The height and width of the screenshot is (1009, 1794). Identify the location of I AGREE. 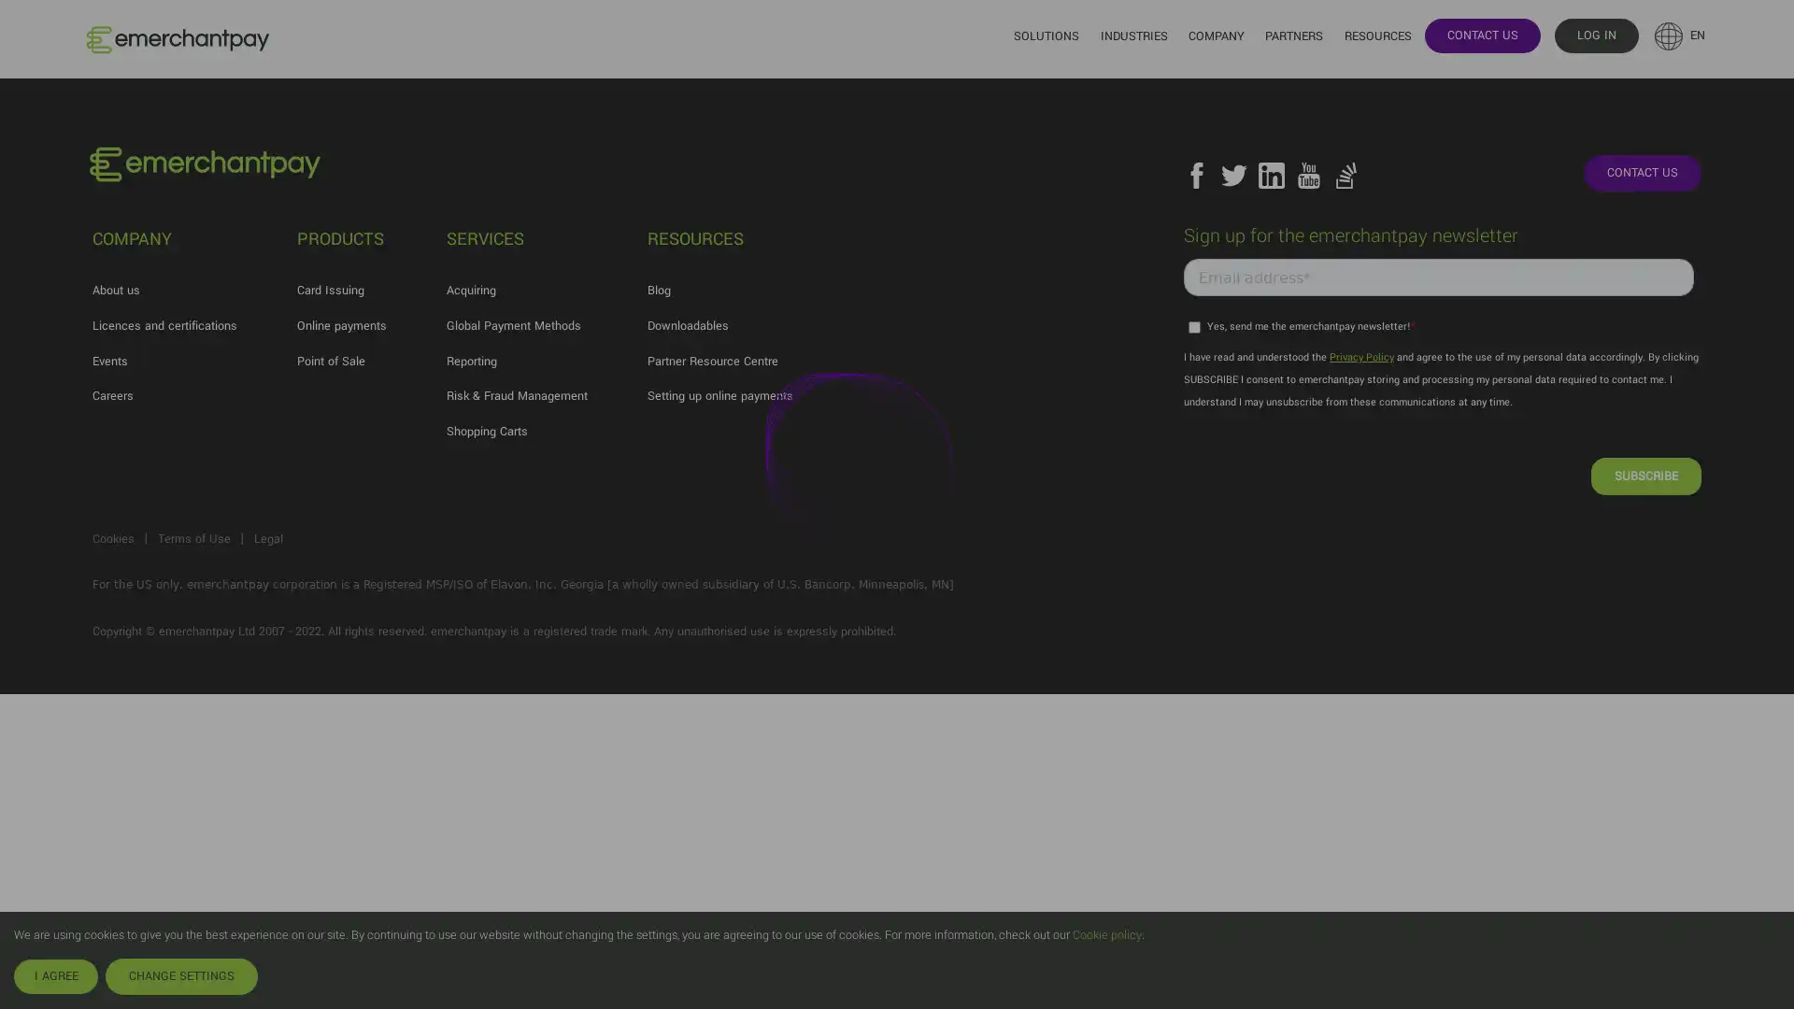
(55, 975).